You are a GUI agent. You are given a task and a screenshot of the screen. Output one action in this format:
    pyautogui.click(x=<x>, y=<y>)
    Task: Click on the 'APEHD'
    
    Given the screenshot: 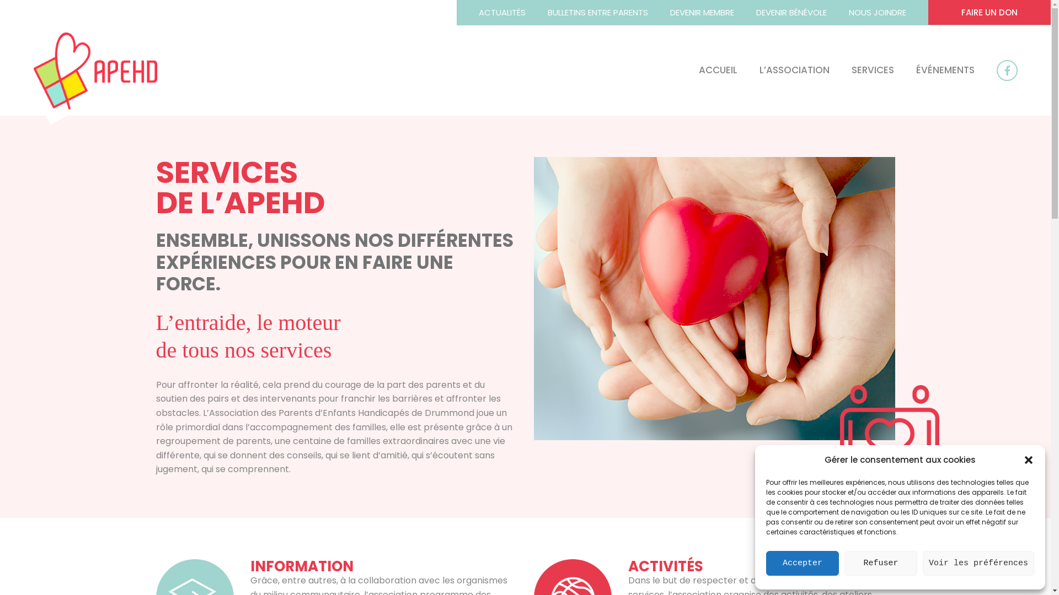 What is the action you would take?
    pyautogui.click(x=33, y=70)
    